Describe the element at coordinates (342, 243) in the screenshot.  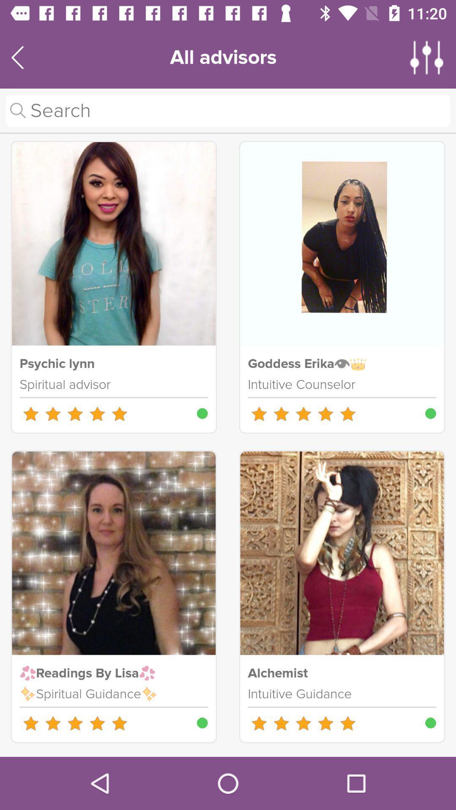
I see `an image which is at first right side of the page` at that location.